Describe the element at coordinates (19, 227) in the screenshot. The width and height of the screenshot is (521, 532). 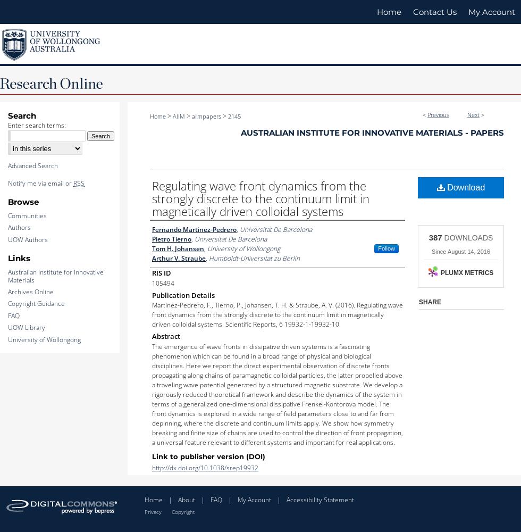
I see `'Authors'` at that location.